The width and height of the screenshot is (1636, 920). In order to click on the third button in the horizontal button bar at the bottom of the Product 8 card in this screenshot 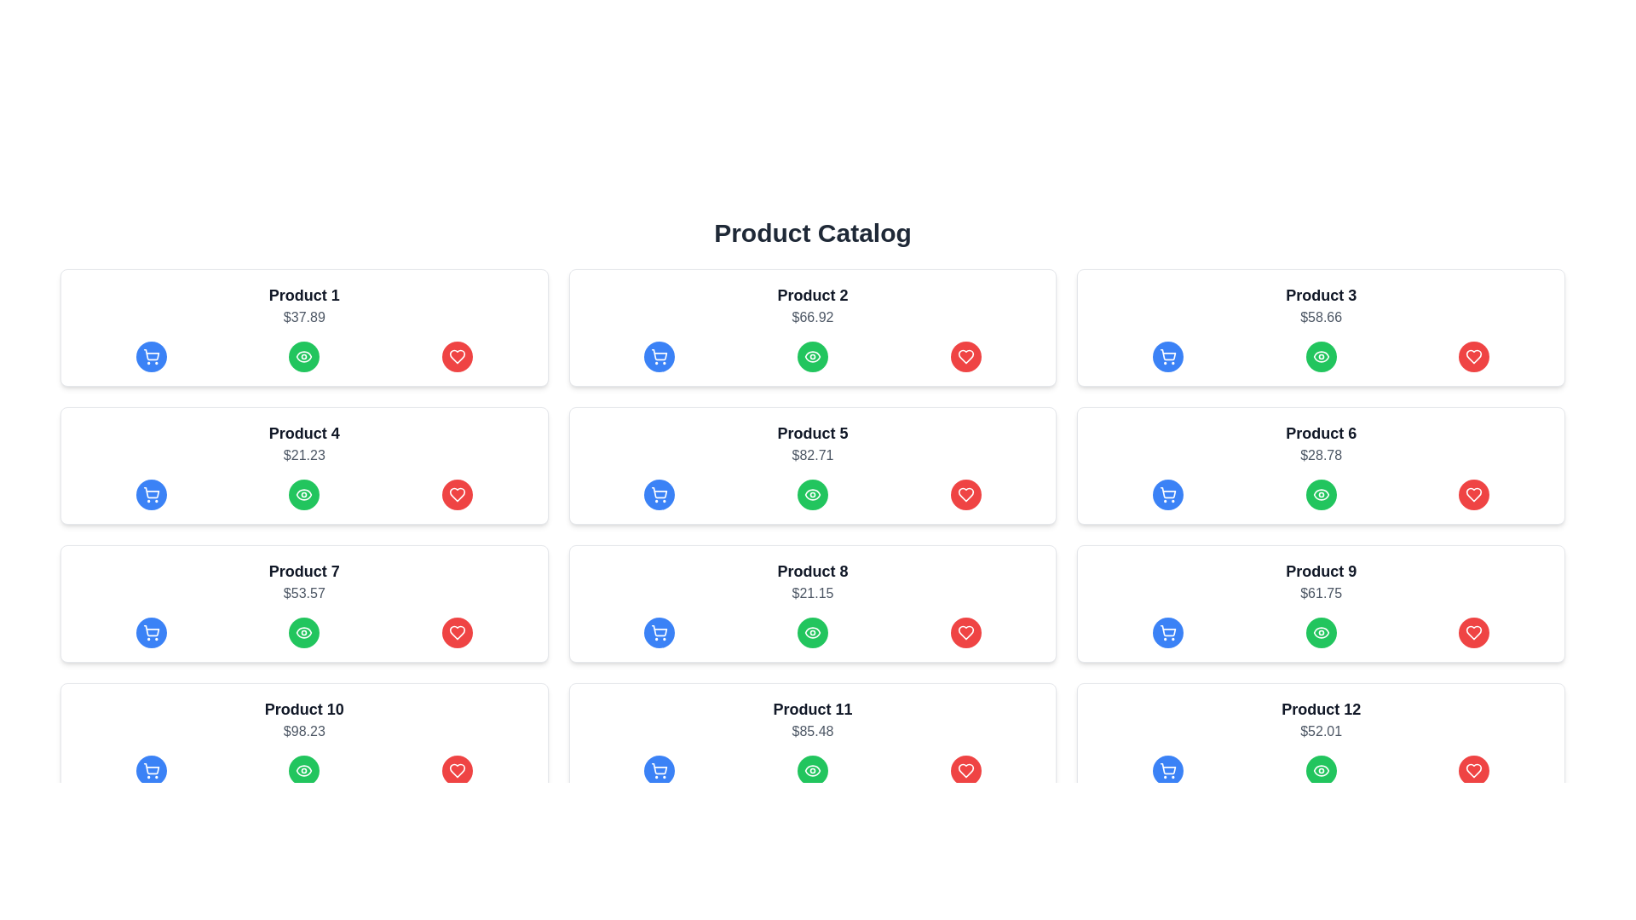, I will do `click(812, 633)`.